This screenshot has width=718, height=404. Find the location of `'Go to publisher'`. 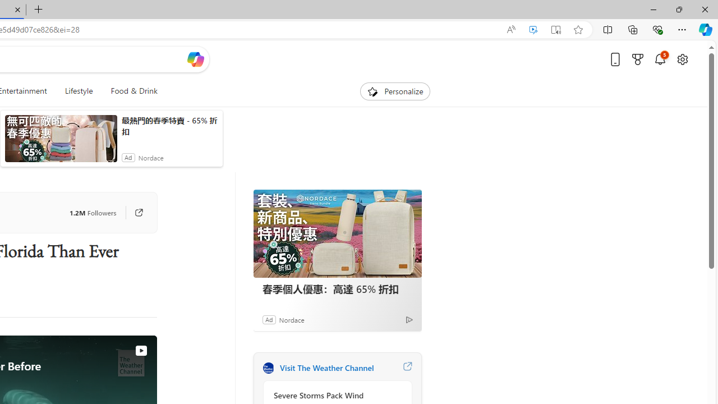

'Go to publisher' is located at coordinates (133, 213).